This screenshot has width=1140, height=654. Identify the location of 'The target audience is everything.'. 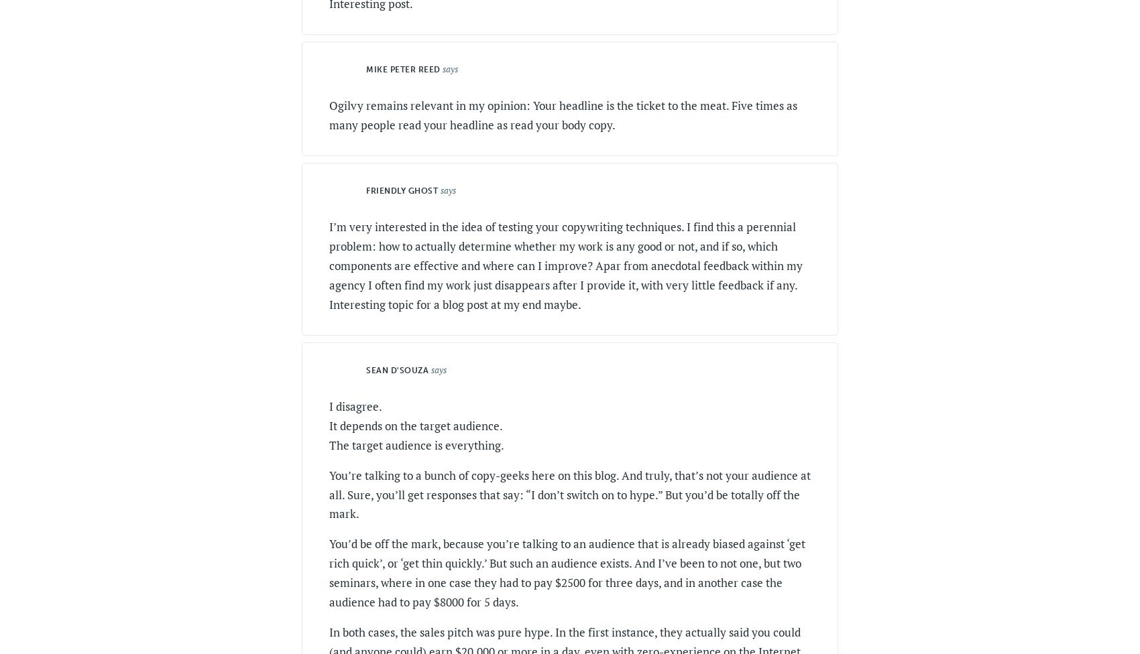
(329, 444).